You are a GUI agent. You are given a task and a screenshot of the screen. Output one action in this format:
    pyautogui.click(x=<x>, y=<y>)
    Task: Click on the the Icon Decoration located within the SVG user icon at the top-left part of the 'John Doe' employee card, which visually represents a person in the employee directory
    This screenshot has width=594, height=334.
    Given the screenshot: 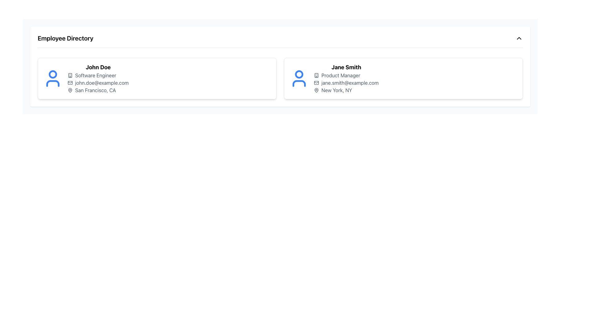 What is the action you would take?
    pyautogui.click(x=53, y=83)
    